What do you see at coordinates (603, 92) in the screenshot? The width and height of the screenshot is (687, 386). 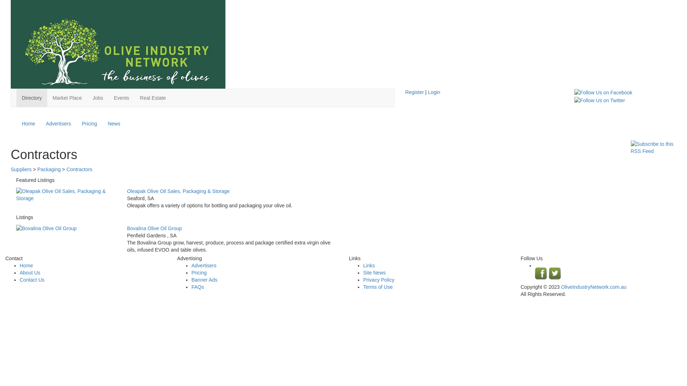 I see `'Follow Us on Facebook'` at bounding box center [603, 92].